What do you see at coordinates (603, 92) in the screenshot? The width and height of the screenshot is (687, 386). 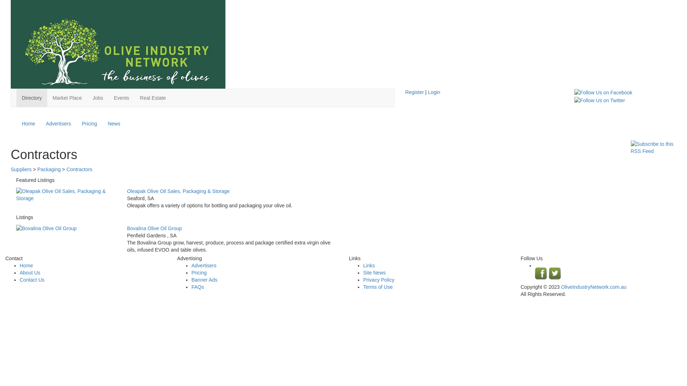 I see `'Follow Us on Facebook'` at bounding box center [603, 92].